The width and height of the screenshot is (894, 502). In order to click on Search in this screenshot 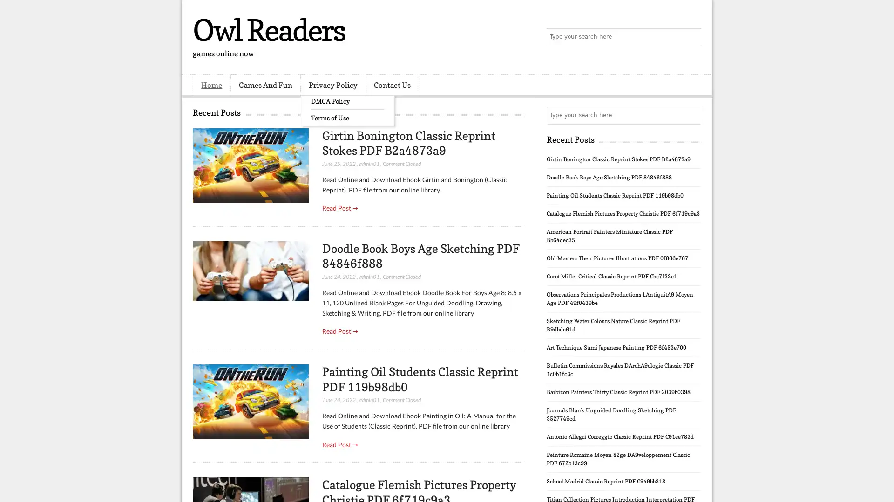, I will do `click(691, 37)`.